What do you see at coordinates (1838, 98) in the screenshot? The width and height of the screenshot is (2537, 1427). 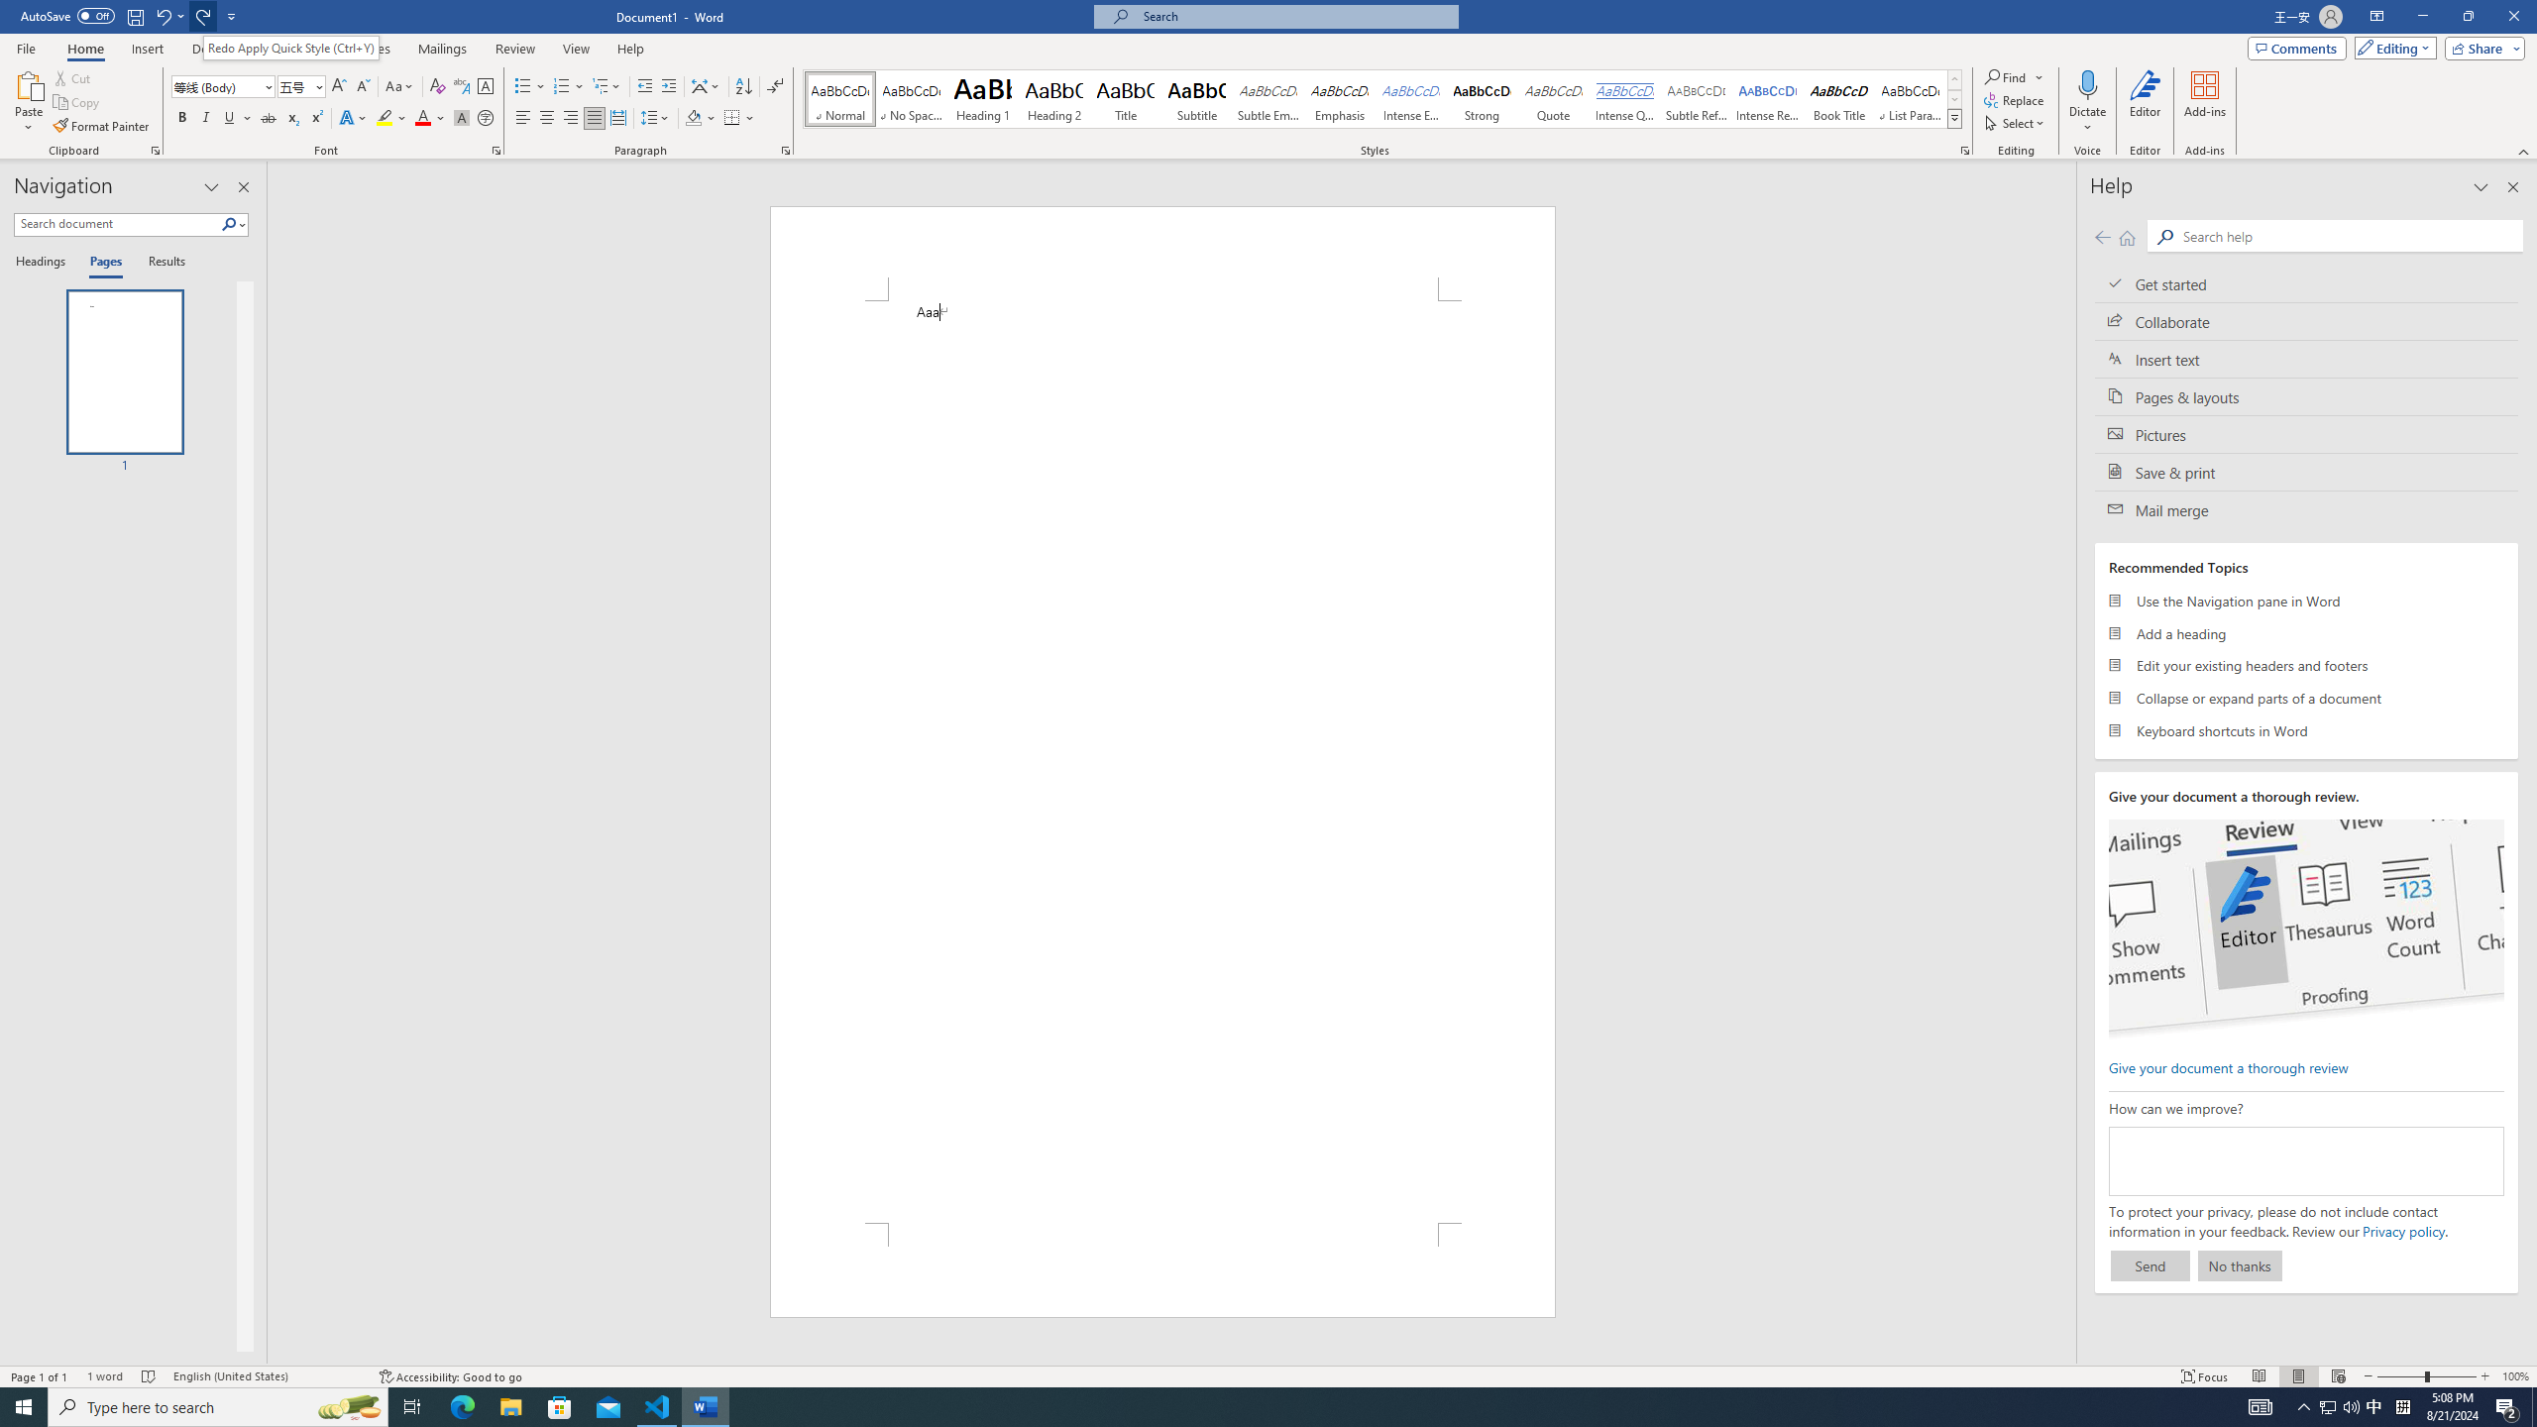 I see `'Book Title'` at bounding box center [1838, 98].